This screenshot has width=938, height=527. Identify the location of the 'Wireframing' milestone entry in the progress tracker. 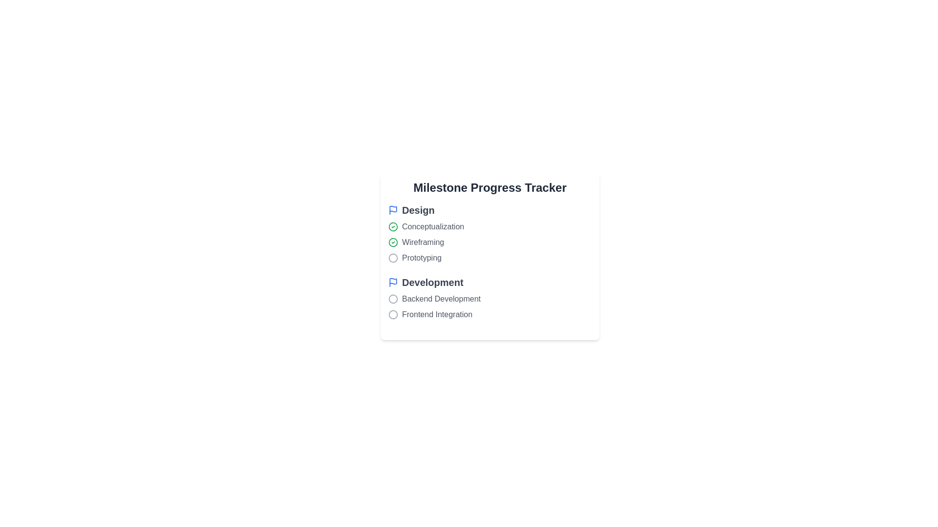
(490, 242).